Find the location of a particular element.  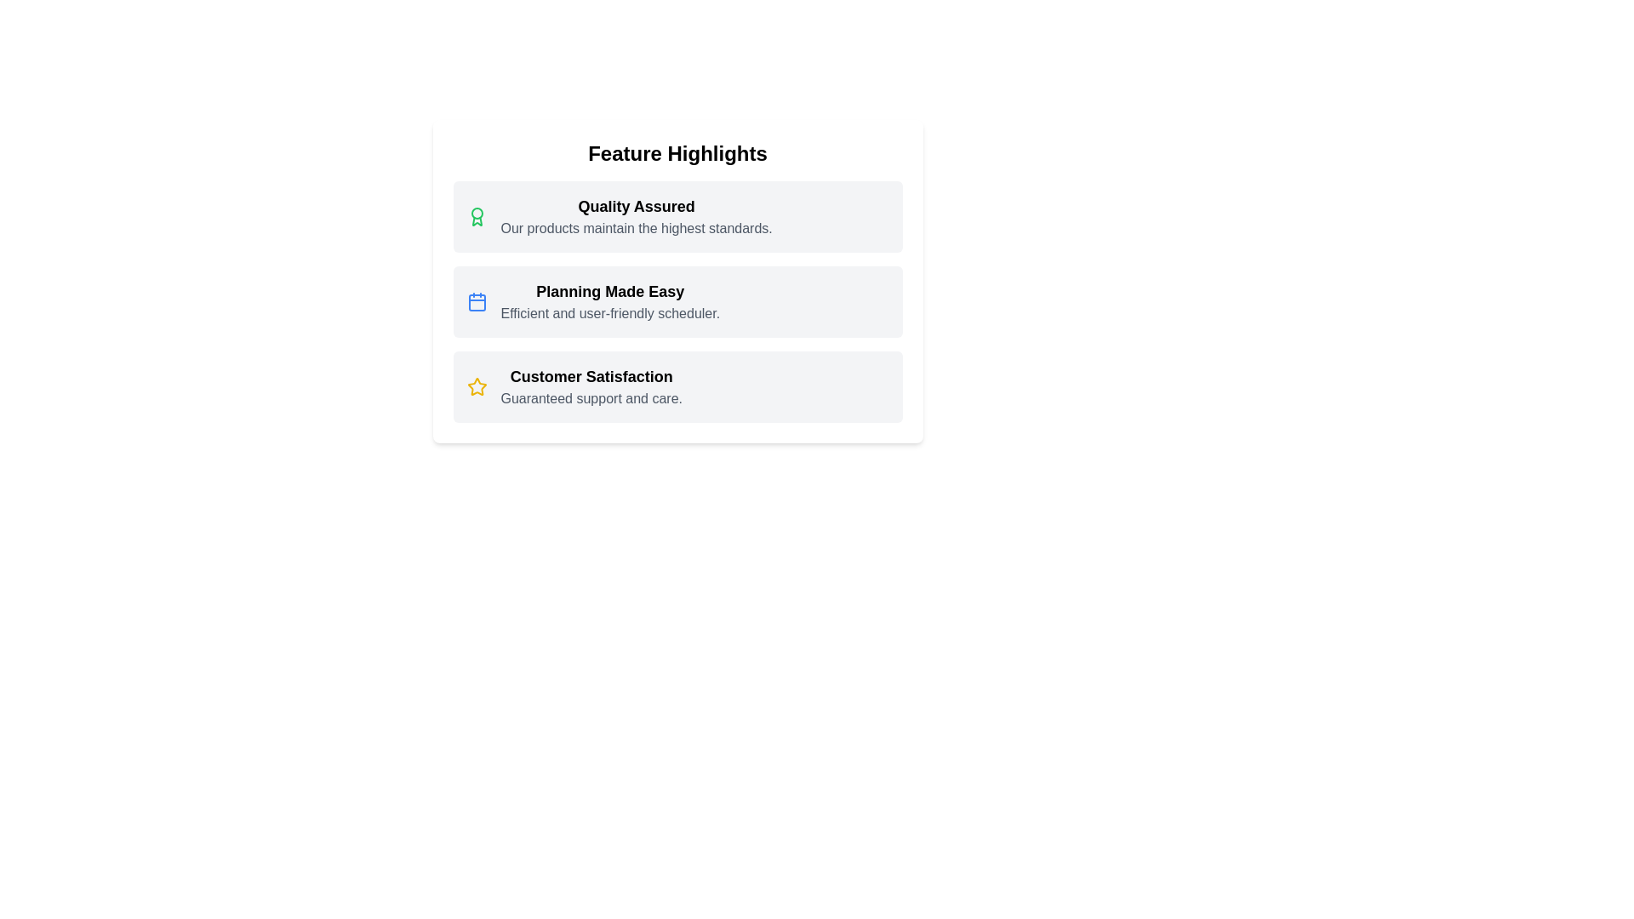

the yellow star icon located to the left of the 'Customer Satisfaction' heading in the third row of the 'Feature Highlights' list is located at coordinates (477, 387).